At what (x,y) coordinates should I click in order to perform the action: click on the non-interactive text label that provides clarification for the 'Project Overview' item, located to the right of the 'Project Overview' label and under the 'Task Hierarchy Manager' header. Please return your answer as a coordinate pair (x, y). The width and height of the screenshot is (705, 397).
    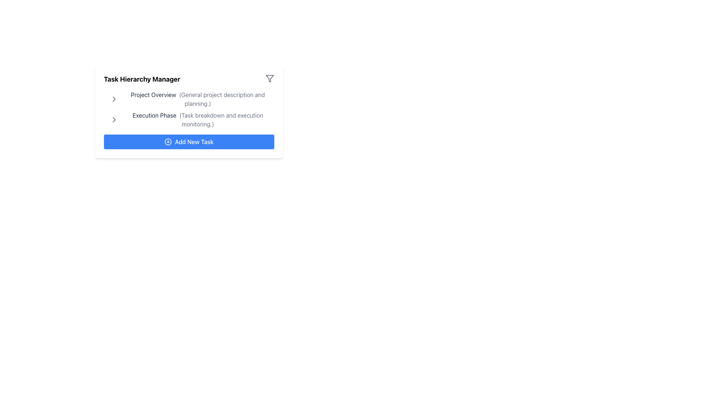
    Looking at the image, I should click on (221, 99).